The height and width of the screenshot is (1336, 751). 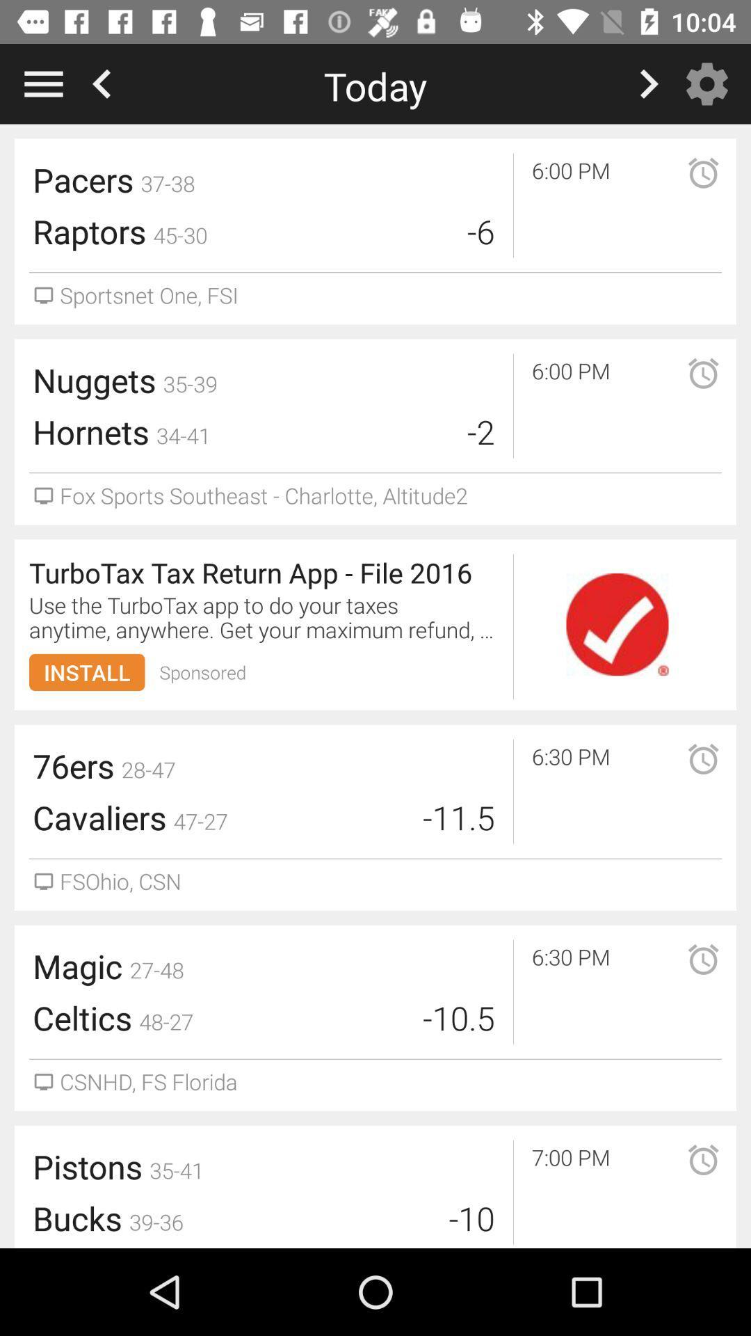 What do you see at coordinates (616, 623) in the screenshot?
I see `open sponsored application` at bounding box center [616, 623].